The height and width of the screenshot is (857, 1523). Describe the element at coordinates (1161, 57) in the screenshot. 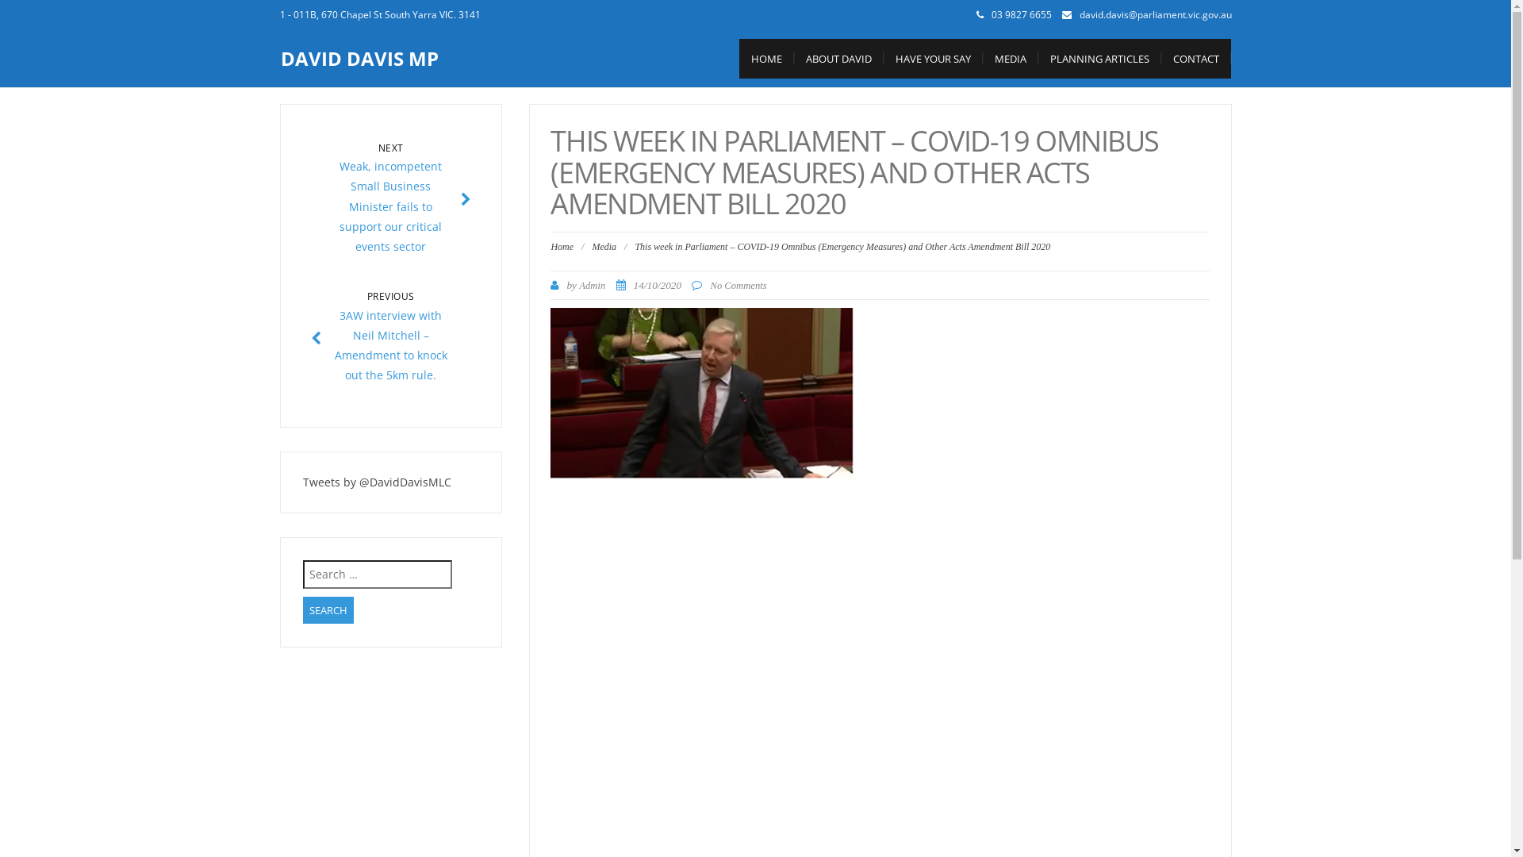

I see `'CONTACT'` at that location.